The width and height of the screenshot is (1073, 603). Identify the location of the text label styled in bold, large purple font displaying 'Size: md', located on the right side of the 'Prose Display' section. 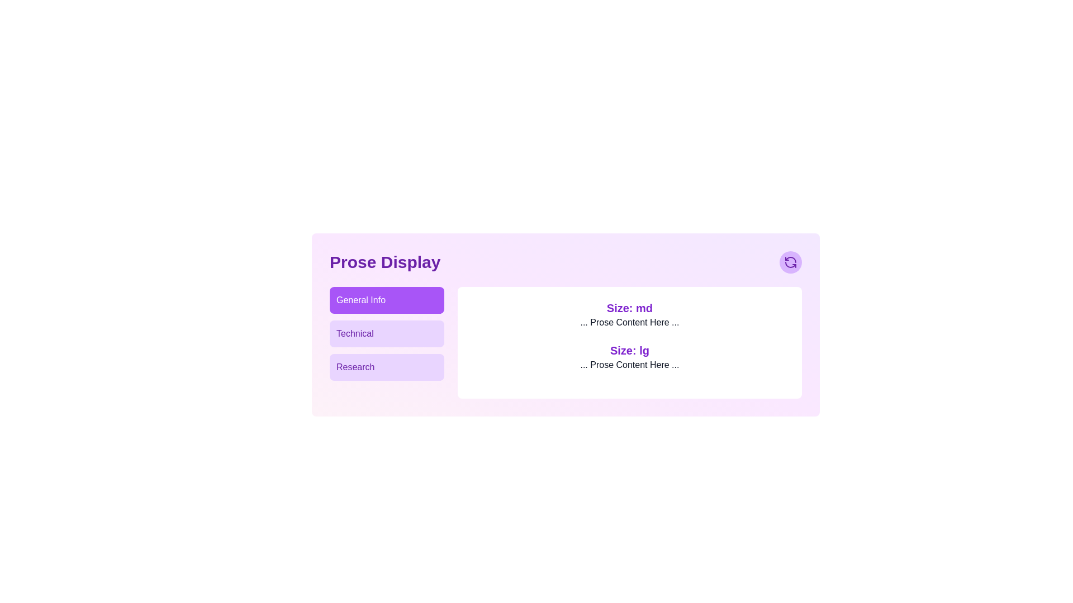
(630, 308).